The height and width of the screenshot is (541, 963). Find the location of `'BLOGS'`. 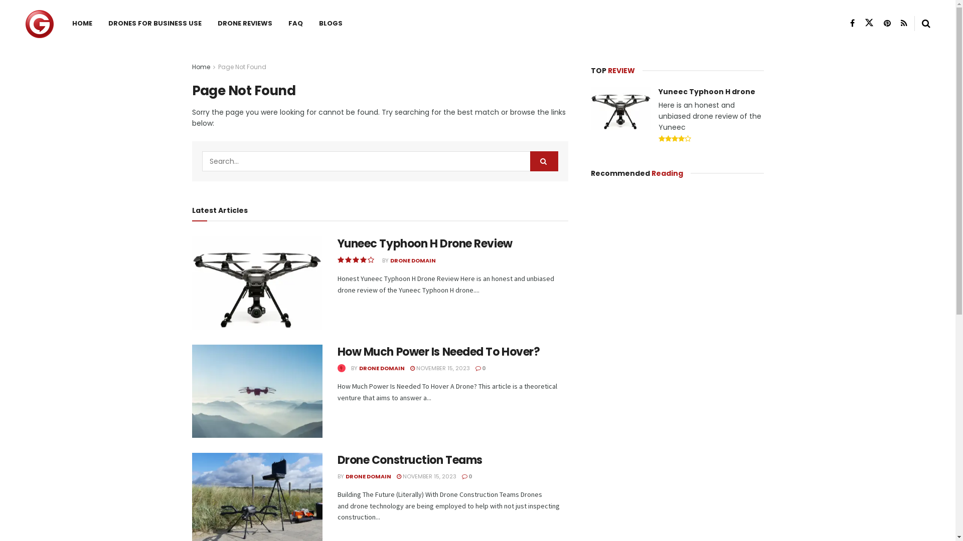

'BLOGS' is located at coordinates (331, 23).